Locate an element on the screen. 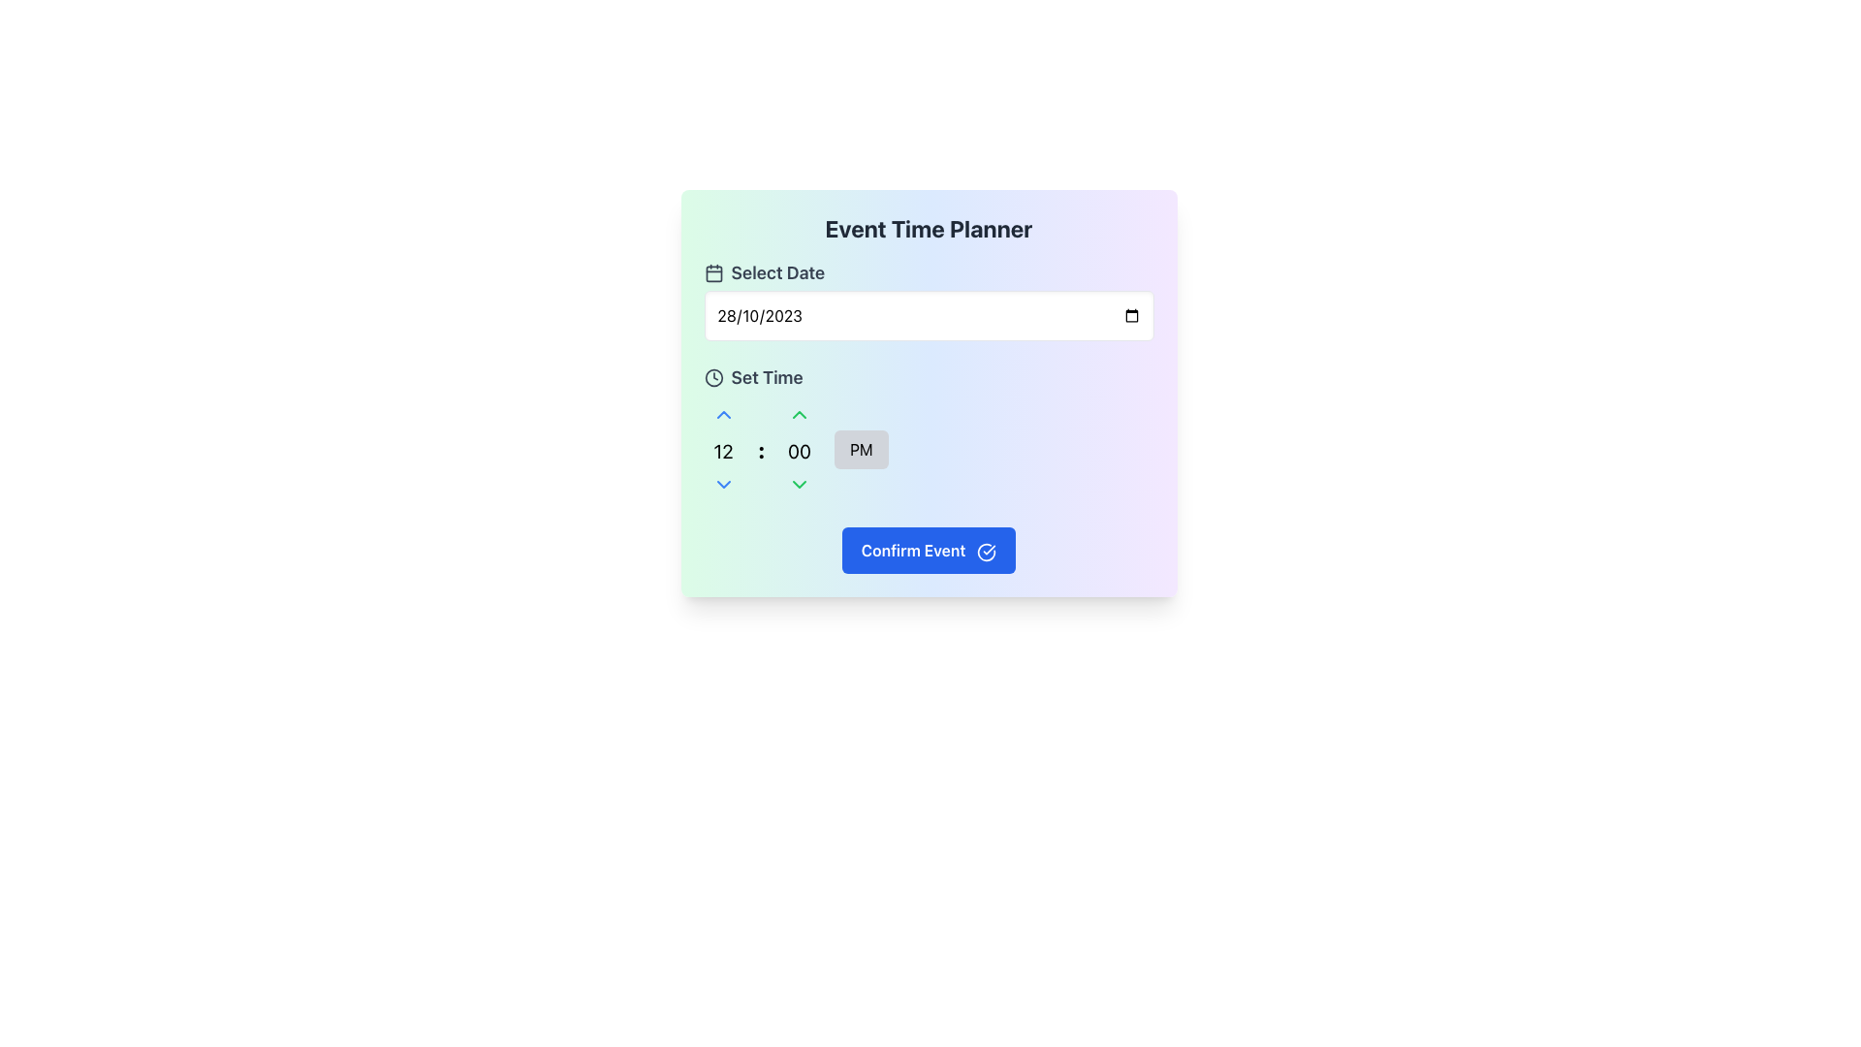  the calendar icon located to the immediate left of the 'Select Date' label in the 'Event Time Planner' interface is located at coordinates (712, 272).